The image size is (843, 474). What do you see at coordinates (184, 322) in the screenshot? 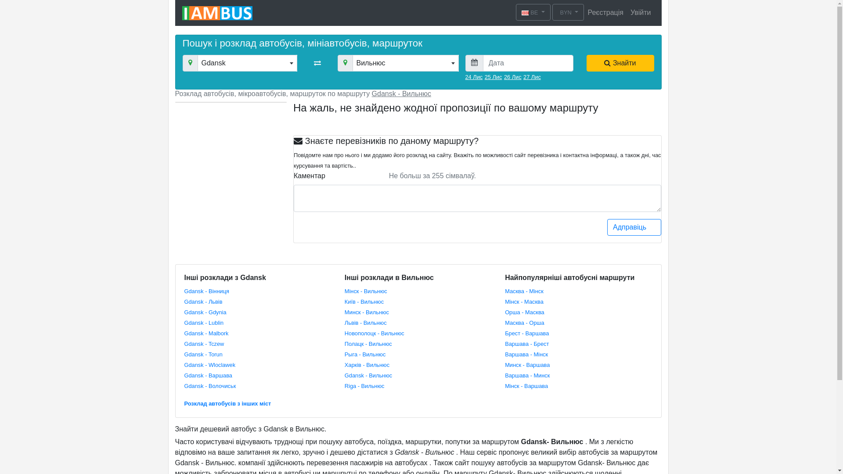
I see `'Gdansk - Lublin'` at bounding box center [184, 322].